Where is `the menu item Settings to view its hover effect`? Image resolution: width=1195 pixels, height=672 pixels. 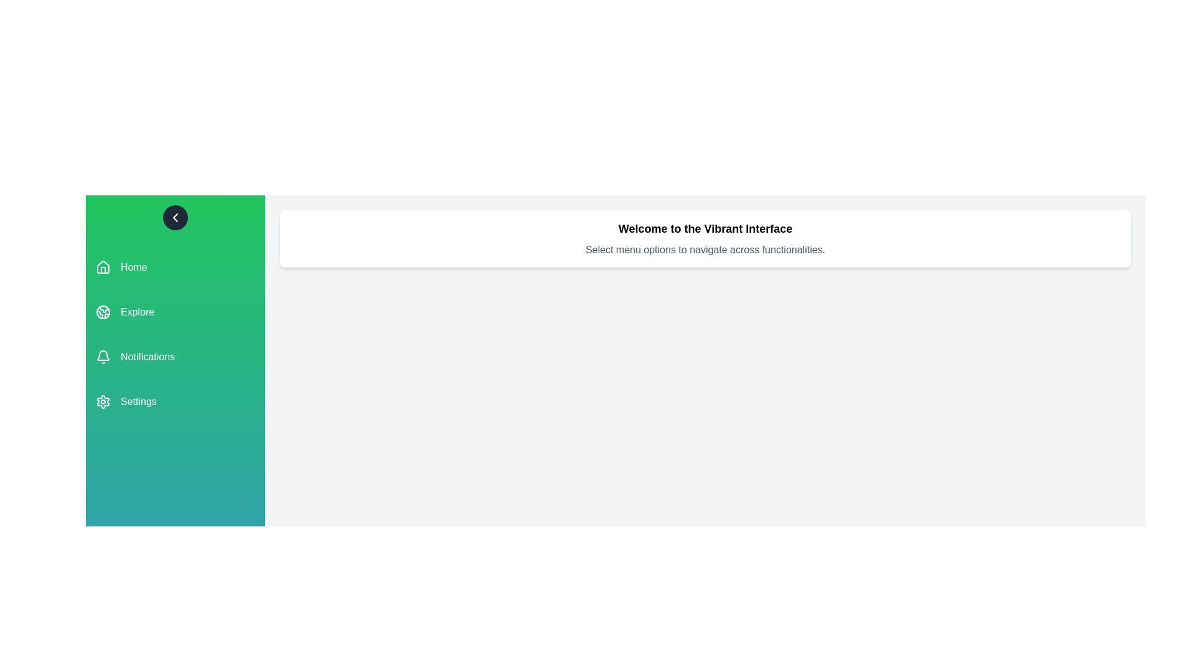
the menu item Settings to view its hover effect is located at coordinates (175, 401).